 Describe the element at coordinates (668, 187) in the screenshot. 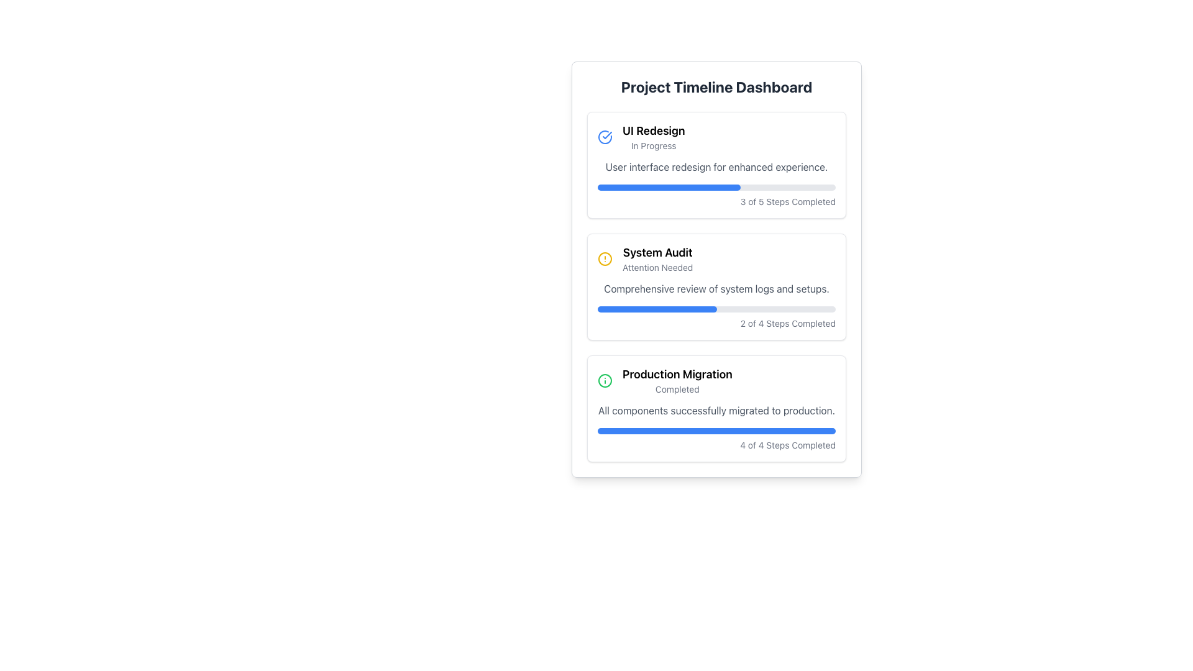

I see `the horizontal blue progress bar located below the 'UI Redesign' header and above the step count text in the first activity card` at that location.